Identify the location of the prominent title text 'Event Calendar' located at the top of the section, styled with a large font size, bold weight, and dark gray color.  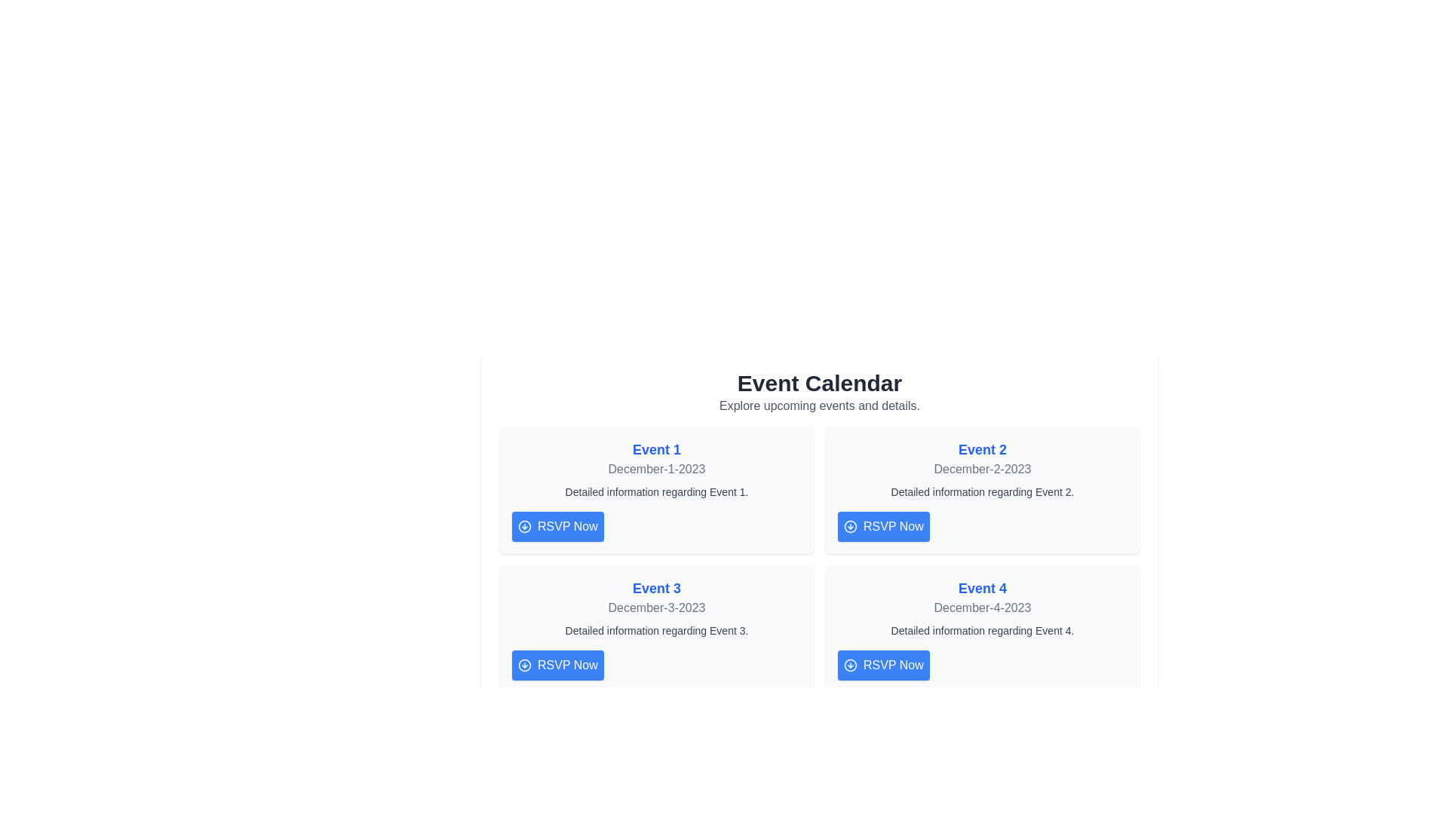
(818, 383).